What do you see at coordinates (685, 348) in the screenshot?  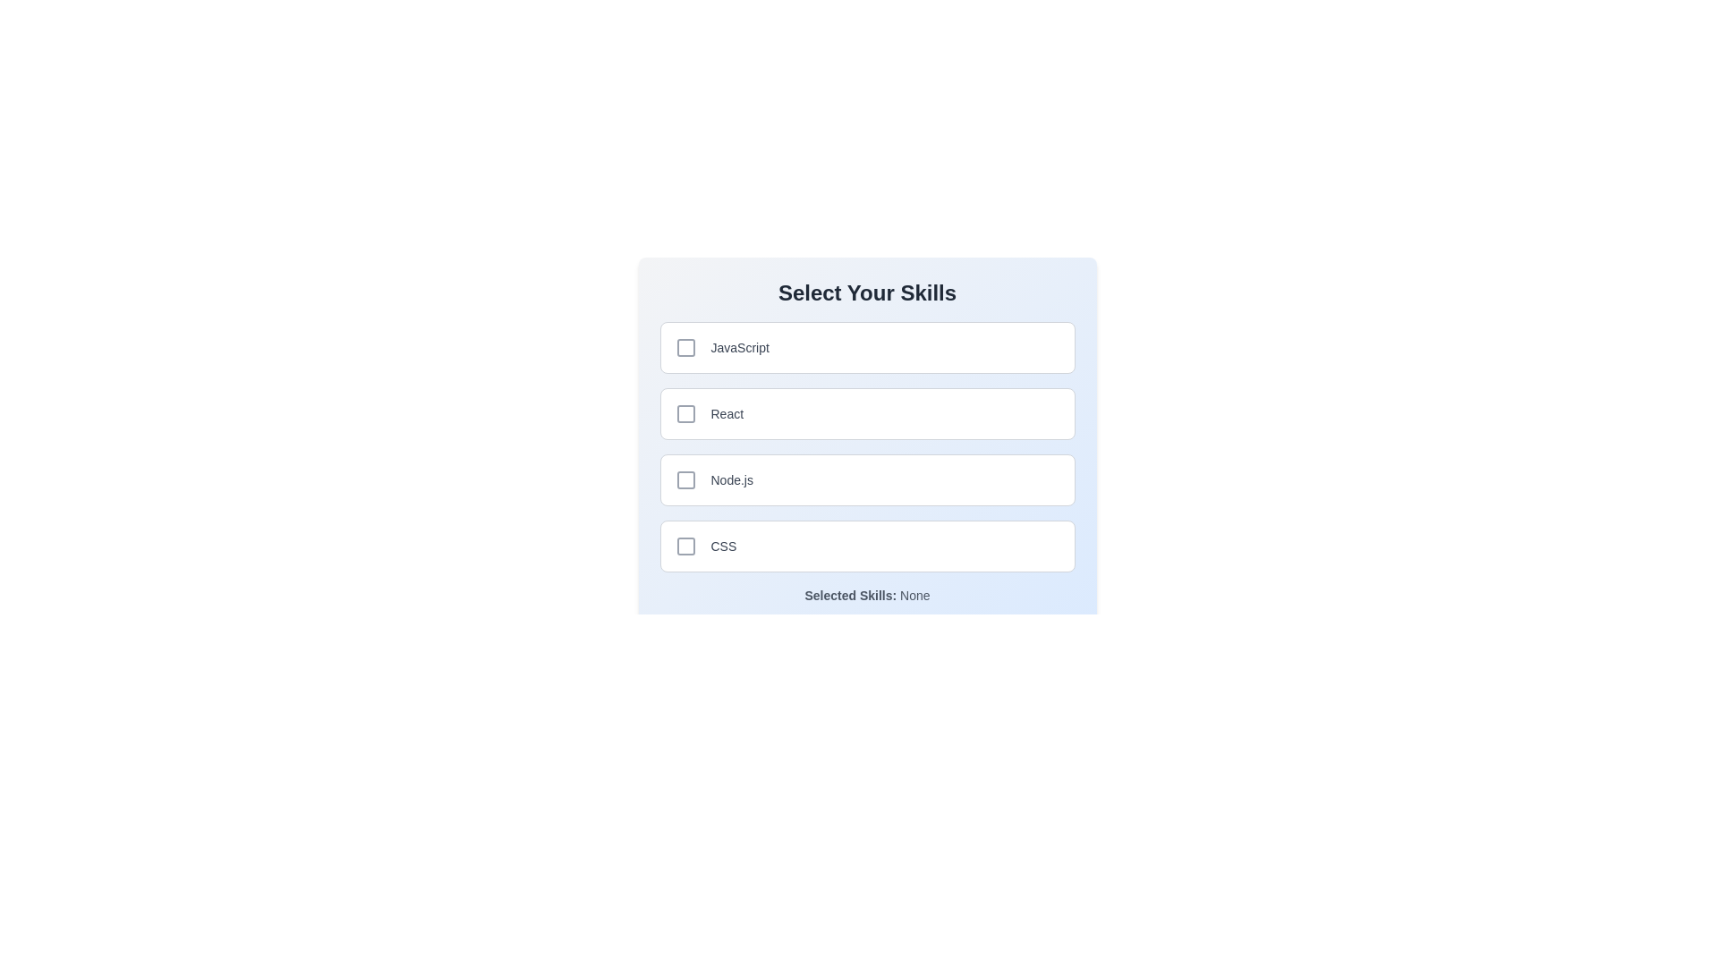 I see `the checkbox icon representing the 'JavaScript' selection option to trigger a tooltip or visual effect` at bounding box center [685, 348].